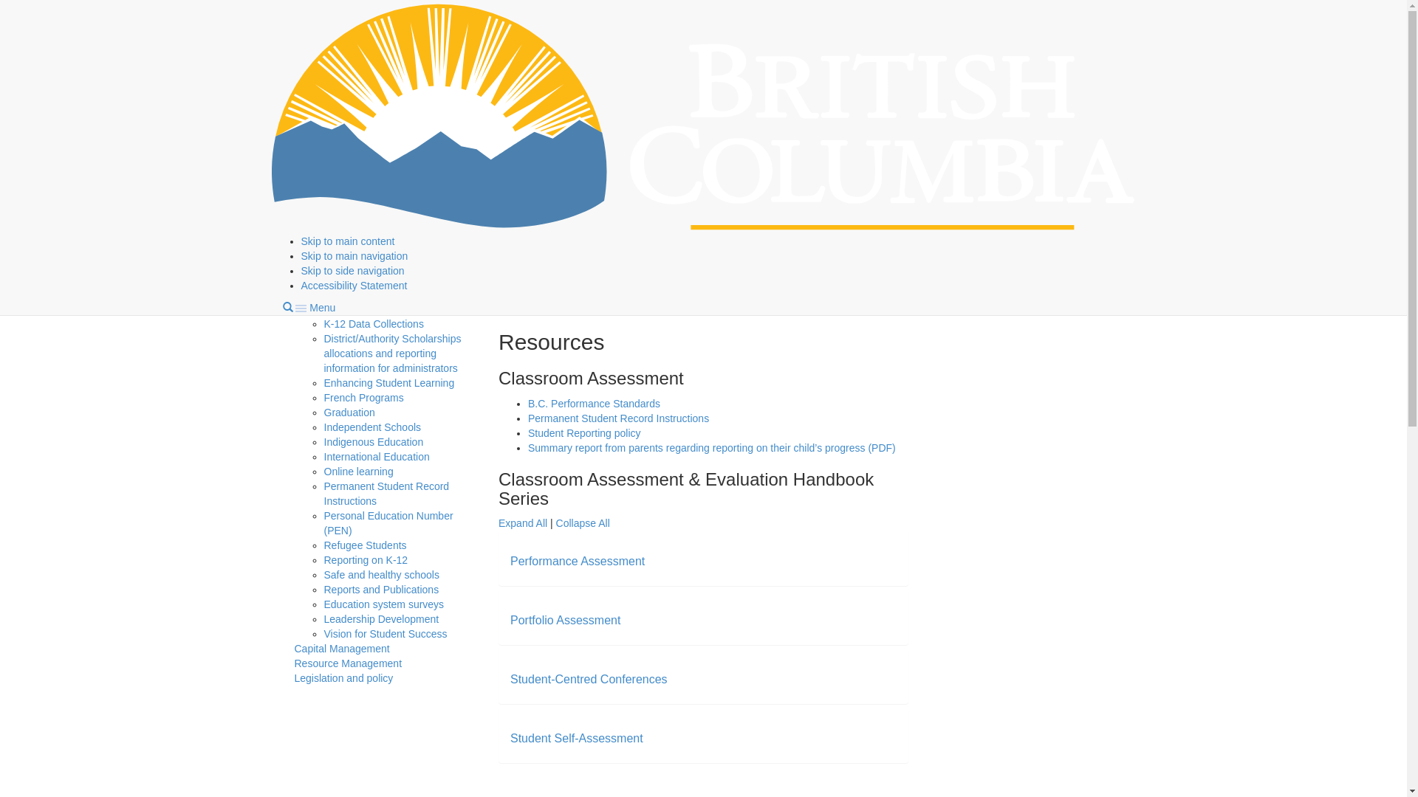 The image size is (1418, 797). Describe the element at coordinates (301, 255) in the screenshot. I see `'Skip to main navigation'` at that location.